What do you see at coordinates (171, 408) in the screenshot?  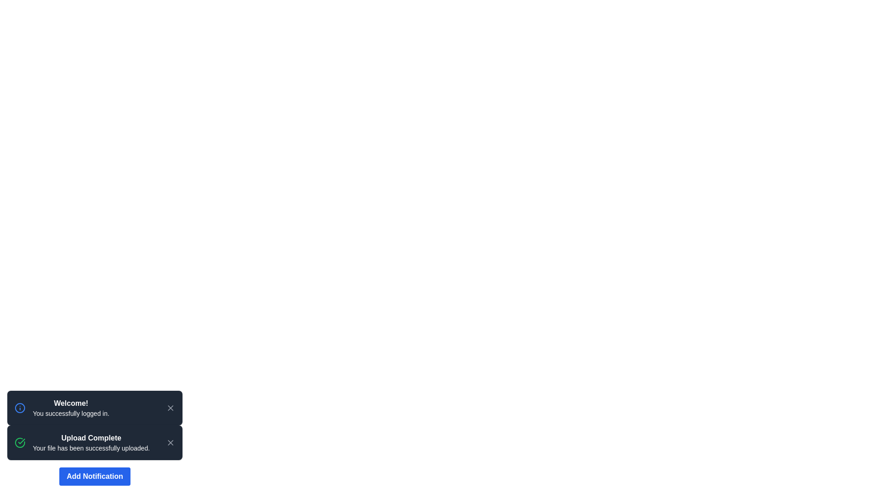 I see `the close or dismiss icon located in the bottom-left corner of the interface` at bounding box center [171, 408].